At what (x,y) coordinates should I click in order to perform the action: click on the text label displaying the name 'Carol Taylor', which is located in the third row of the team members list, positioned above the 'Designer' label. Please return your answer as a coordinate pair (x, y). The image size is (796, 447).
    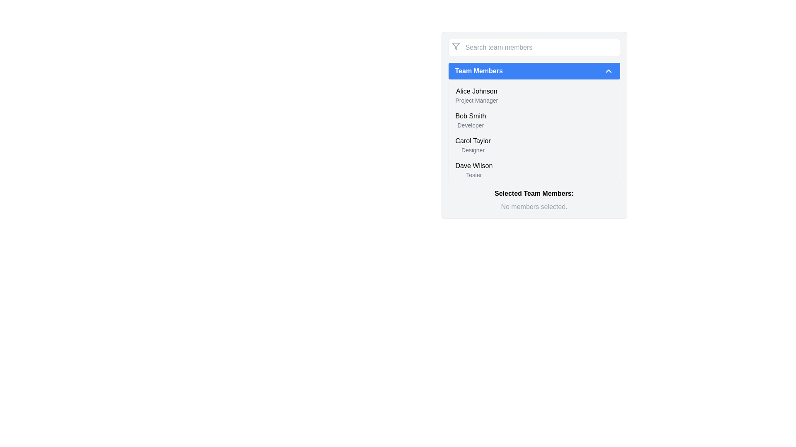
    Looking at the image, I should click on (473, 140).